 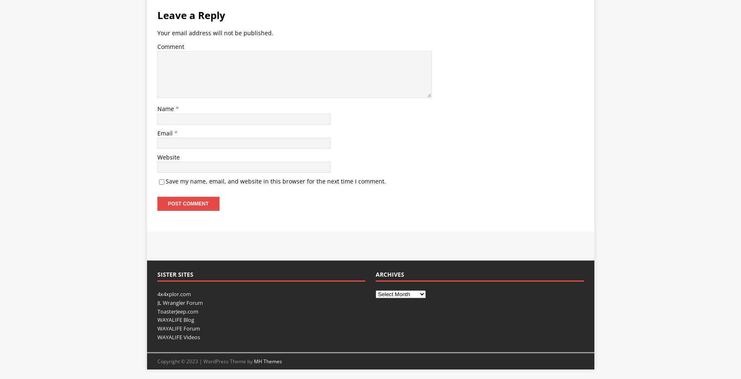 I want to click on 'Leave a Reply', so click(x=157, y=15).